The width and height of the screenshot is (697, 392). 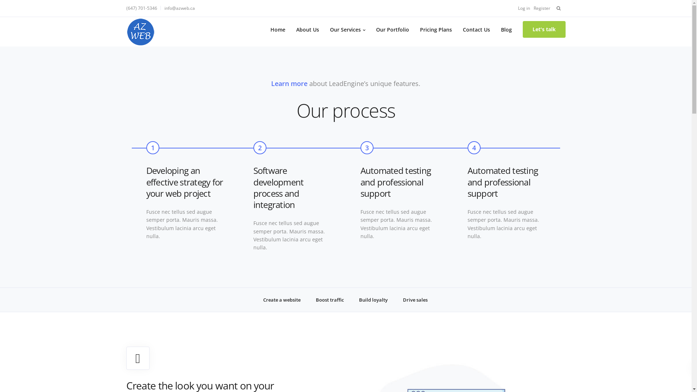 I want to click on 'Our Services', so click(x=347, y=29).